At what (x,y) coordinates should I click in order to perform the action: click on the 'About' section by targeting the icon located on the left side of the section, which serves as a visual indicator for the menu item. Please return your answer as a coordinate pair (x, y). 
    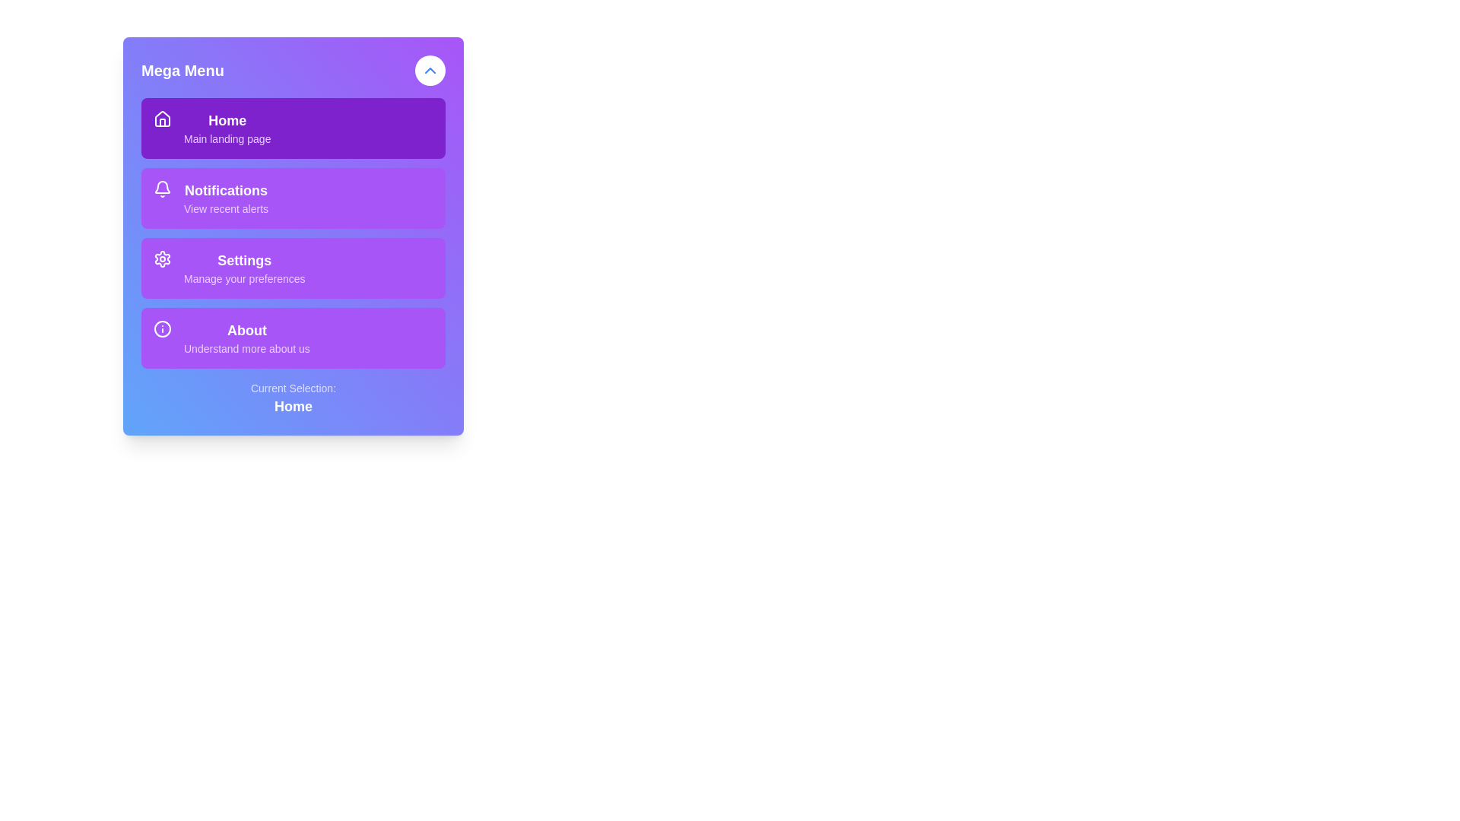
    Looking at the image, I should click on (163, 328).